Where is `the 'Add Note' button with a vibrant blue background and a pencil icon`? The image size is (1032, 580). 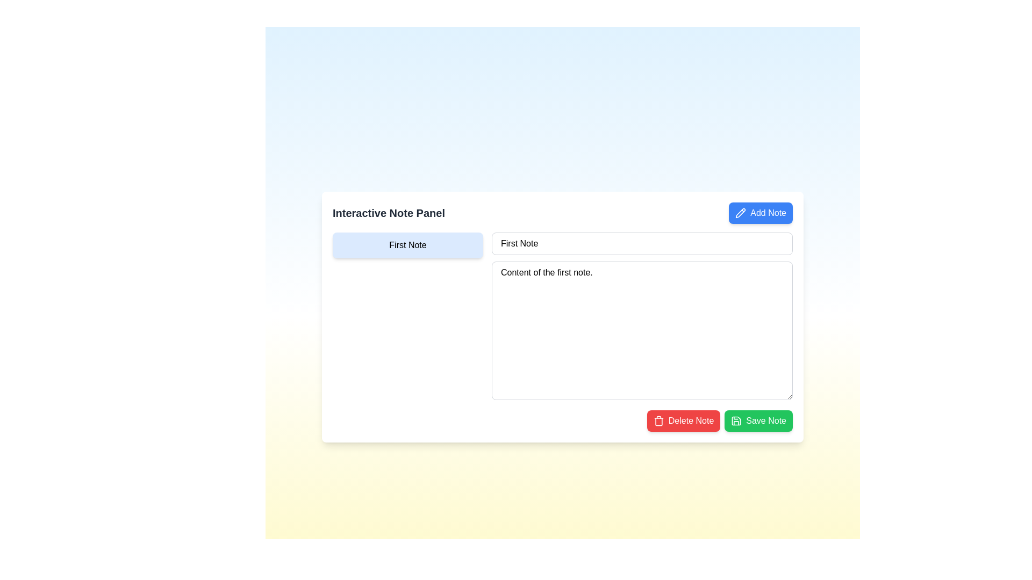
the 'Add Note' button with a vibrant blue background and a pencil icon is located at coordinates (760, 213).